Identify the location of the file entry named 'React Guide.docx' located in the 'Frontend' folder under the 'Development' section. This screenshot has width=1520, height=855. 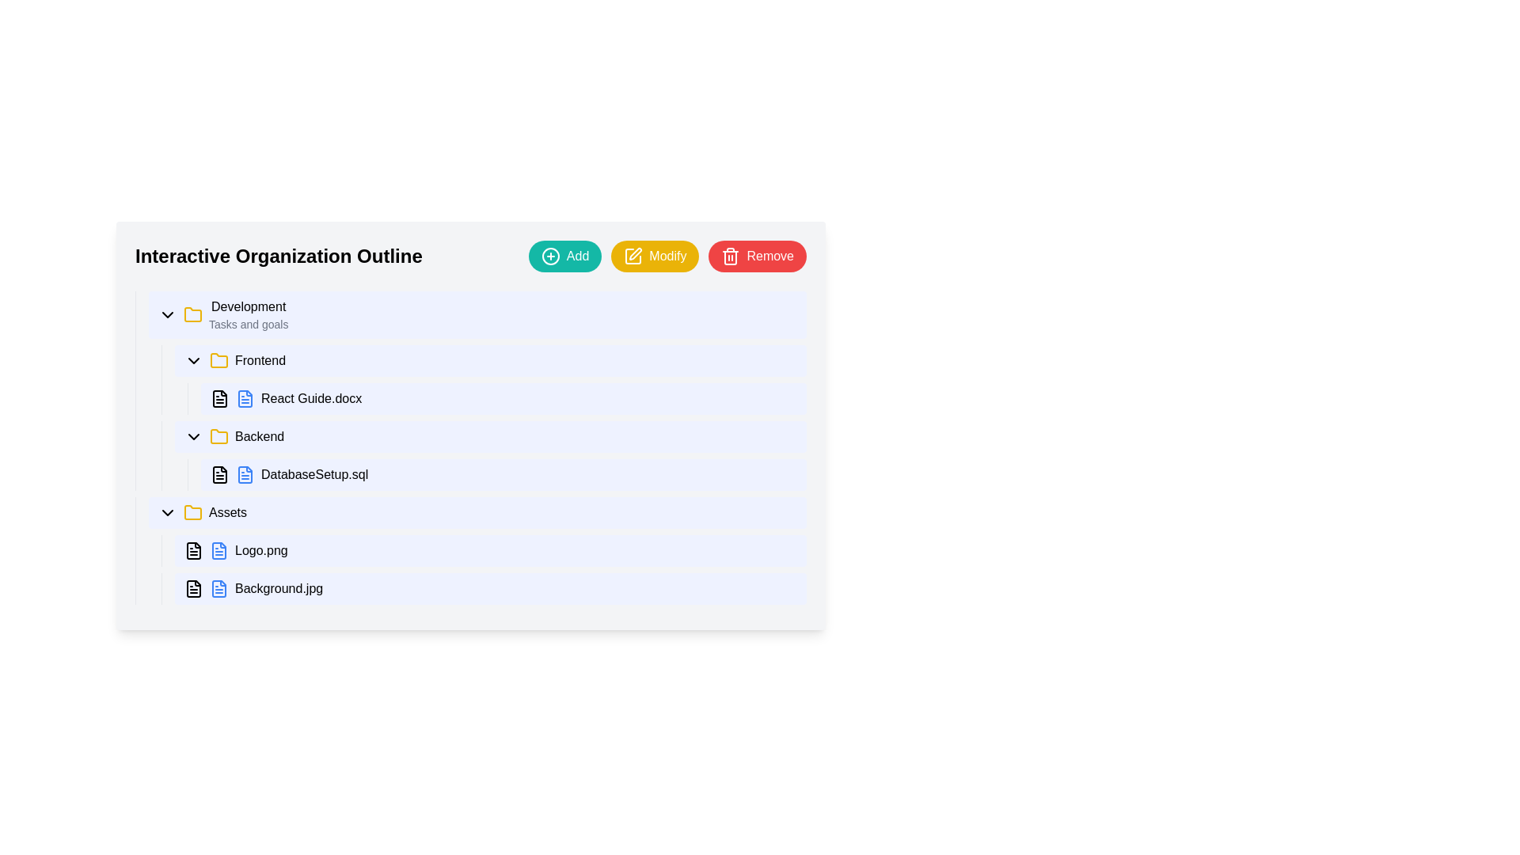
(503, 398).